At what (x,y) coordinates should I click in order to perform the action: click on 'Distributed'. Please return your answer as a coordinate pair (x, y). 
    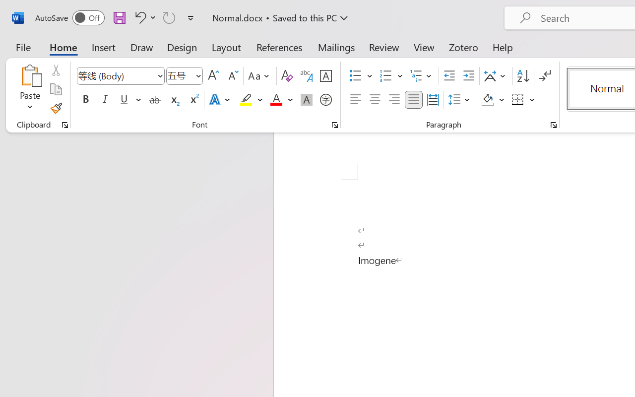
    Looking at the image, I should click on (433, 100).